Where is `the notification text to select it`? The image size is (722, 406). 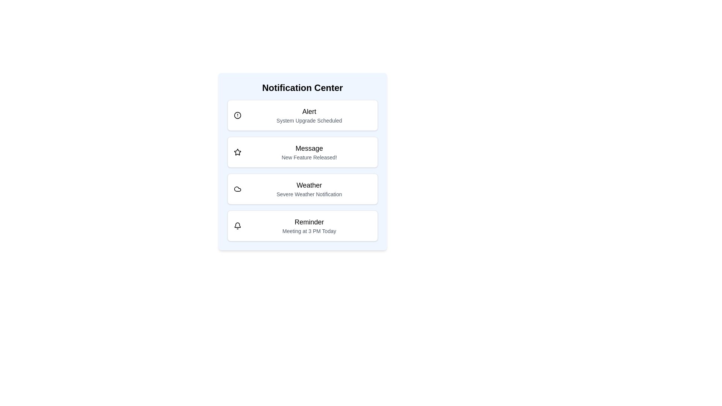
the notification text to select it is located at coordinates (302, 161).